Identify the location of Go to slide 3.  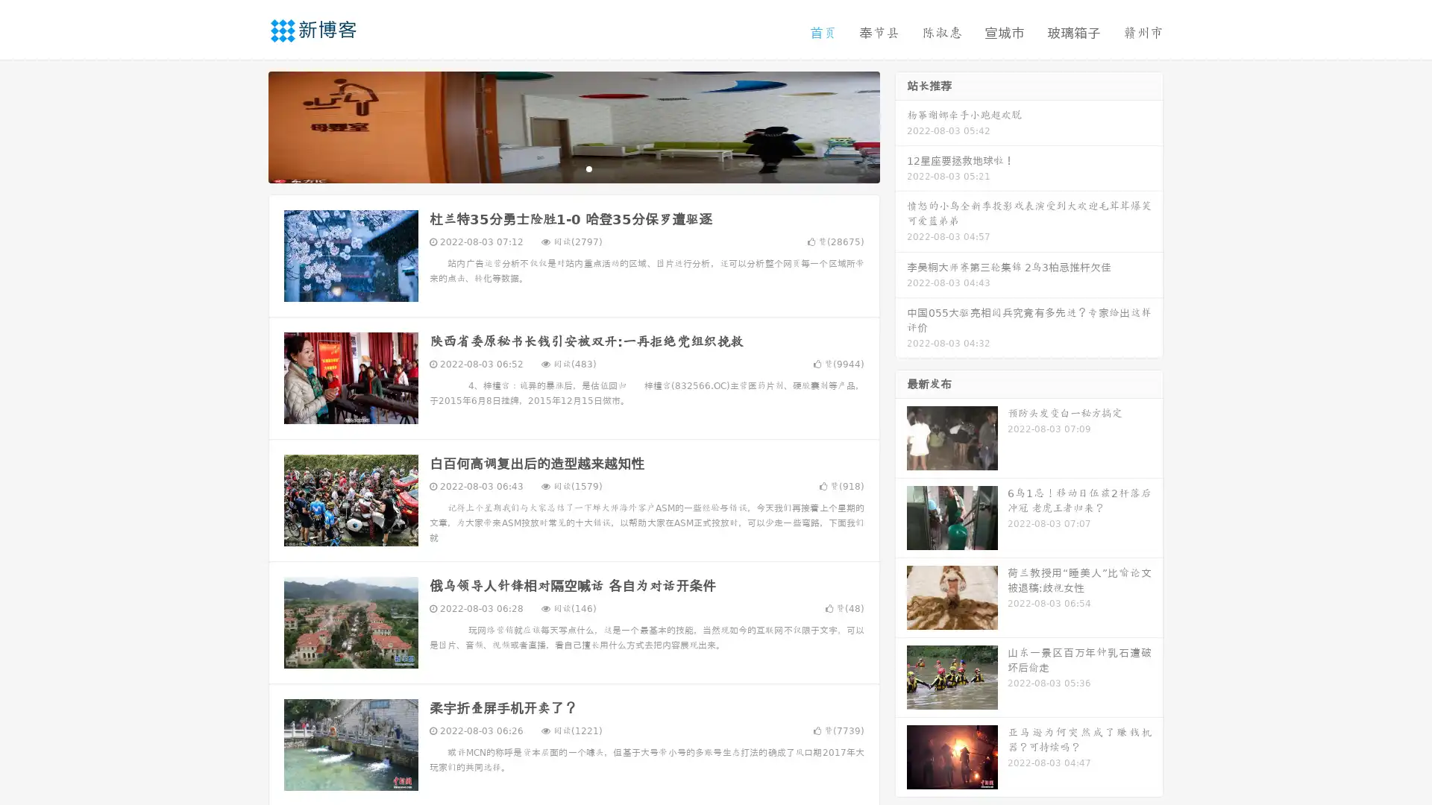
(588, 168).